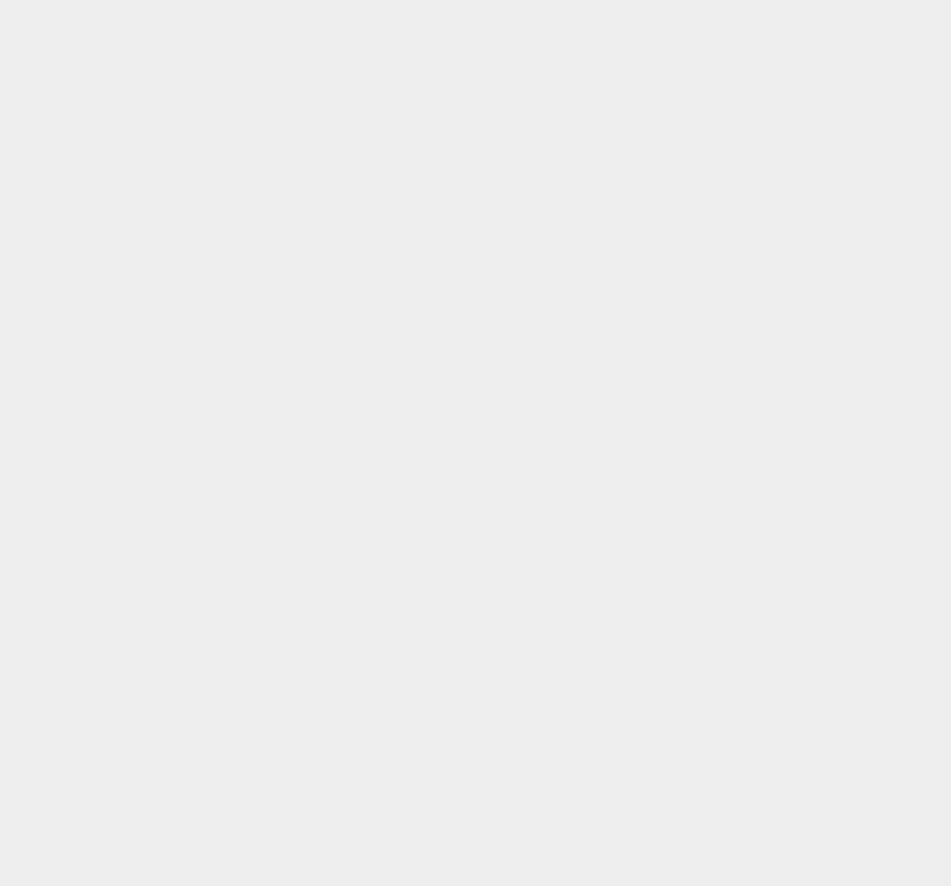 The height and width of the screenshot is (886, 951). Describe the element at coordinates (671, 663) in the screenshot. I see `'Android Lollipop'` at that location.